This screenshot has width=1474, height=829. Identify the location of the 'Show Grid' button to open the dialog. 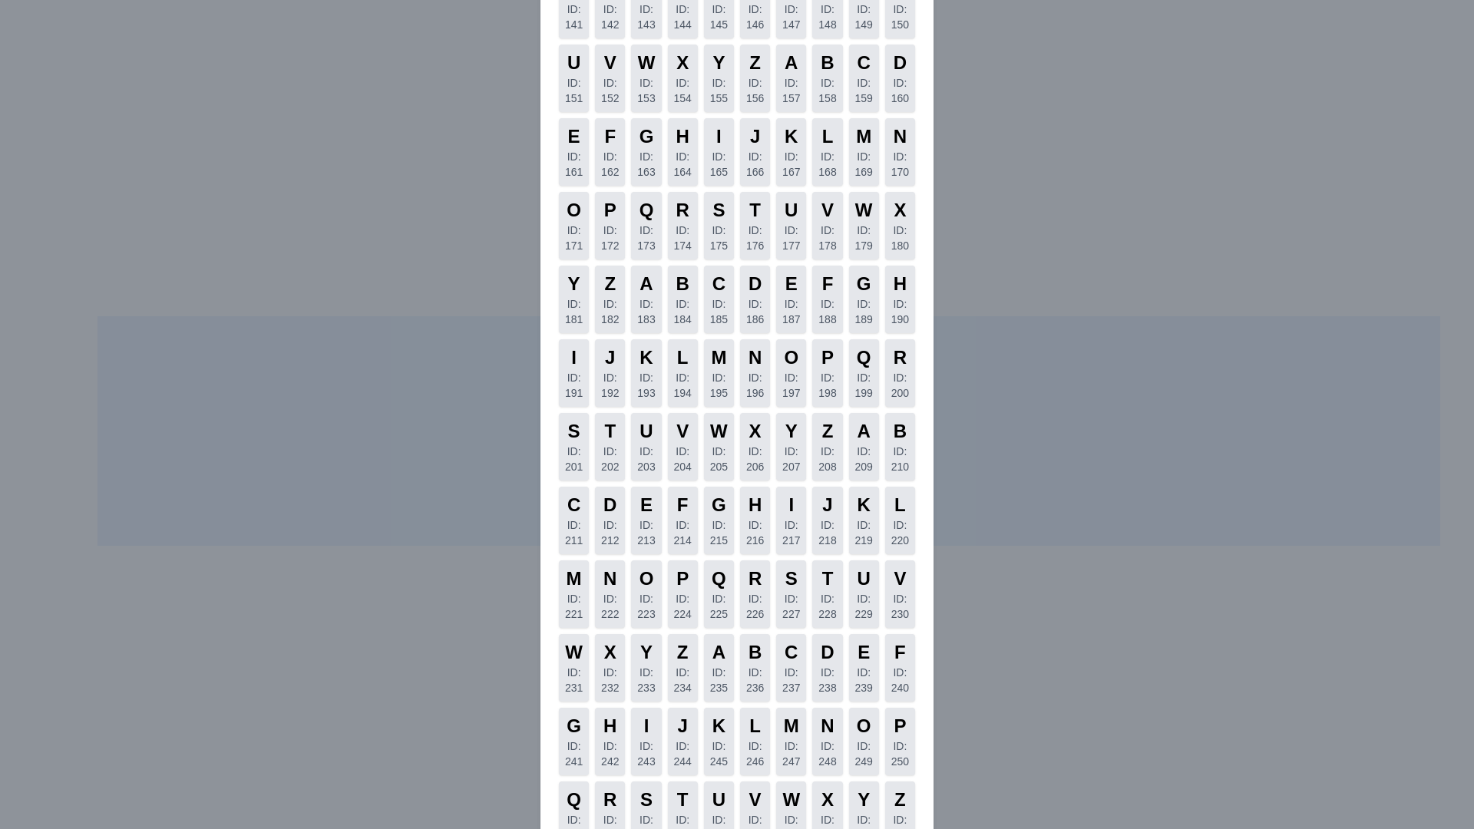
(768, 730).